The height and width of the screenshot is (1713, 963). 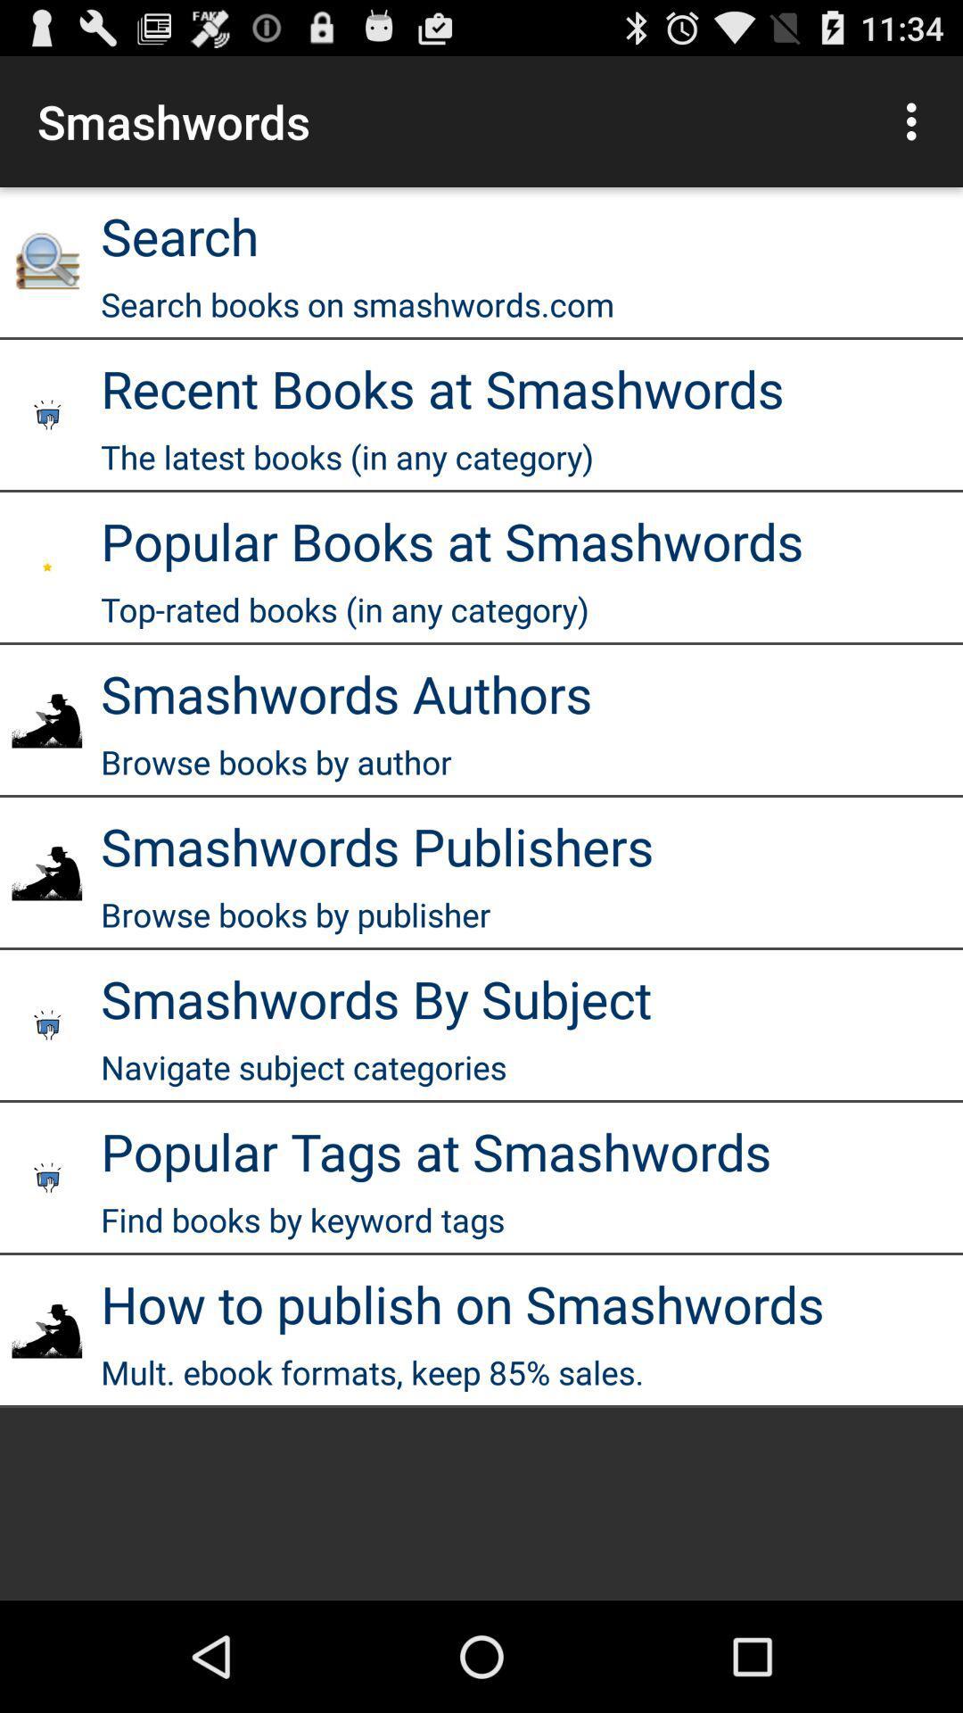 I want to click on app above the smashwords authors item, so click(x=344, y=609).